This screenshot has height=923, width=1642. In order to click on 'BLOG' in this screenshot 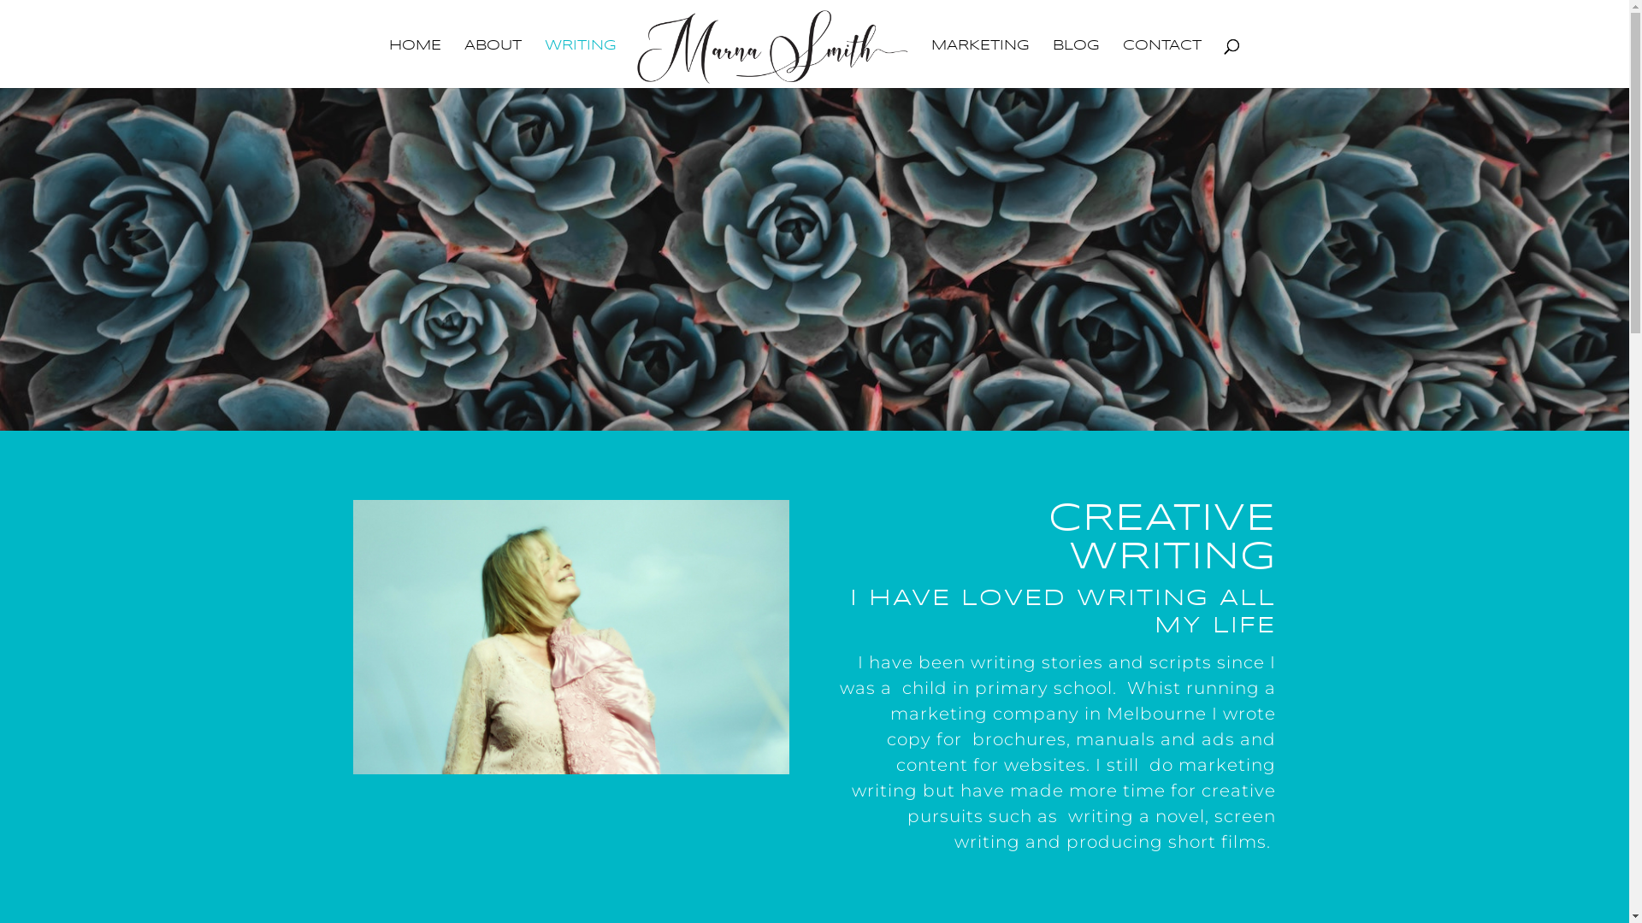, I will do `click(1051, 62)`.